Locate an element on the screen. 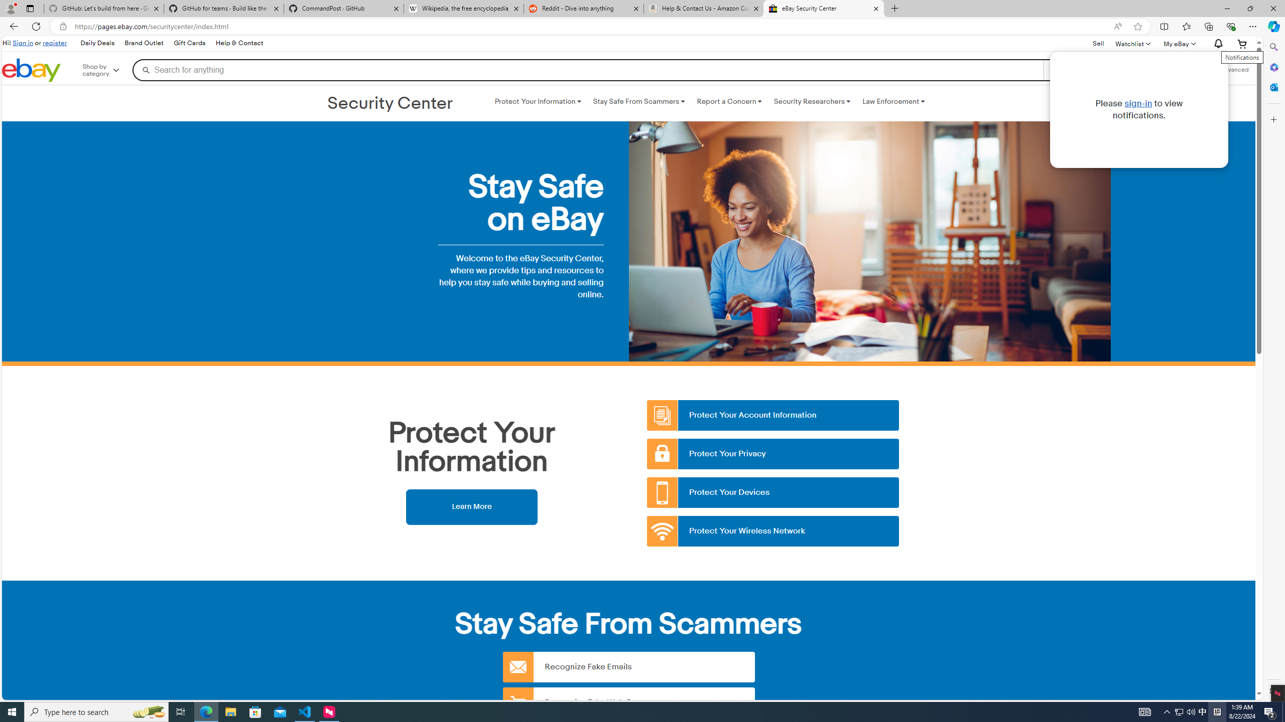 The height and width of the screenshot is (722, 1285). 'Protect Your Information ' is located at coordinates (538, 101).